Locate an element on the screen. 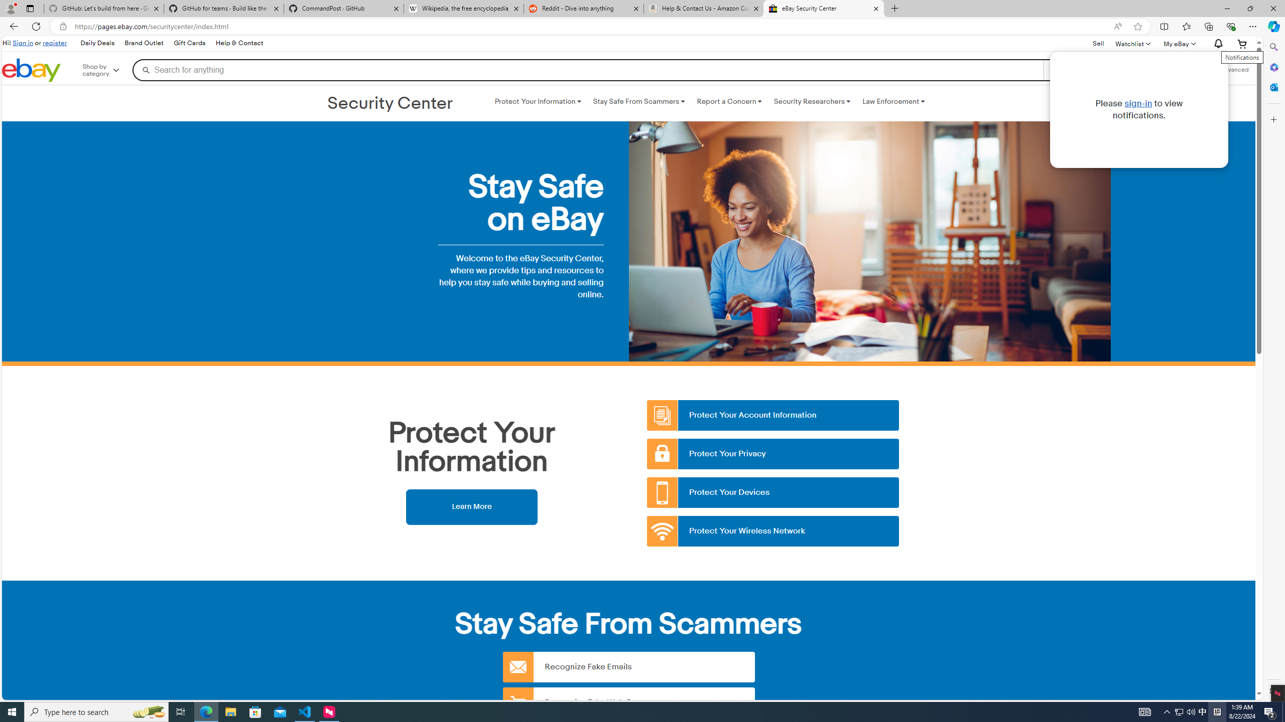 The height and width of the screenshot is (722, 1285). 'Protect Your Information ' is located at coordinates (538, 101).